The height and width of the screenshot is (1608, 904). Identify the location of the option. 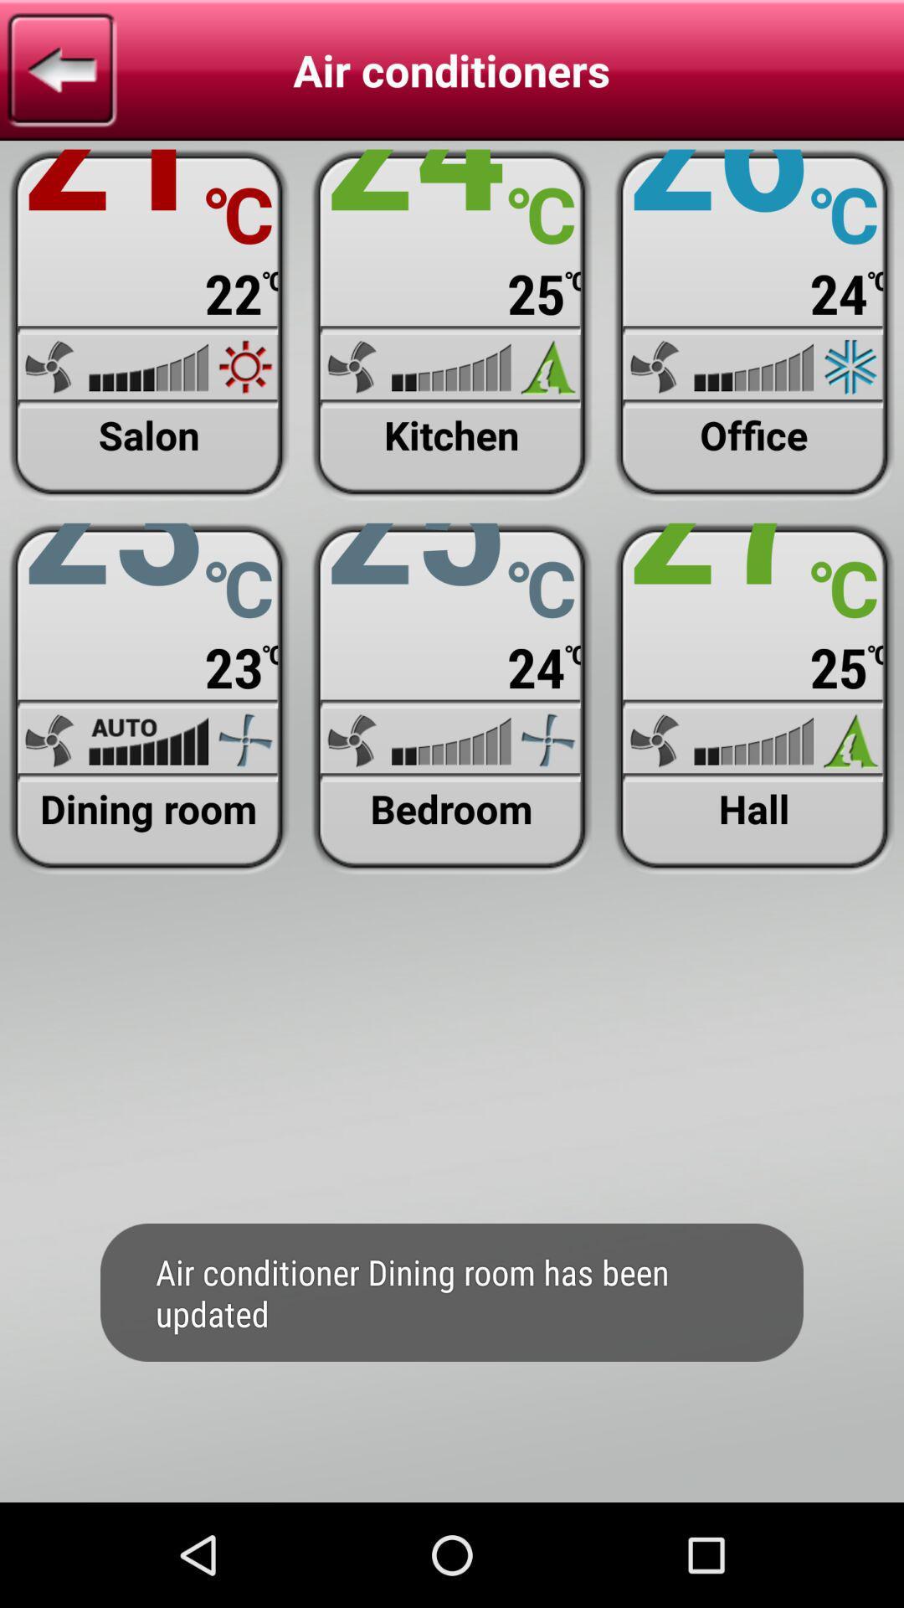
(148, 325).